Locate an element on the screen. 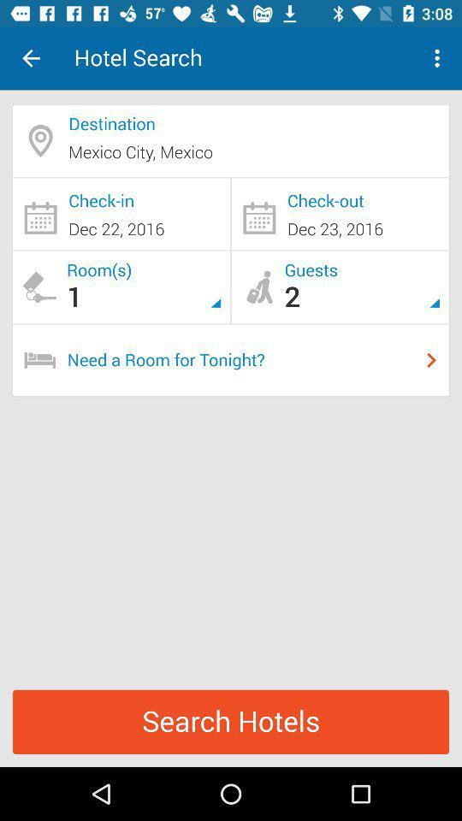  the item next to hotel search is located at coordinates (31, 58).